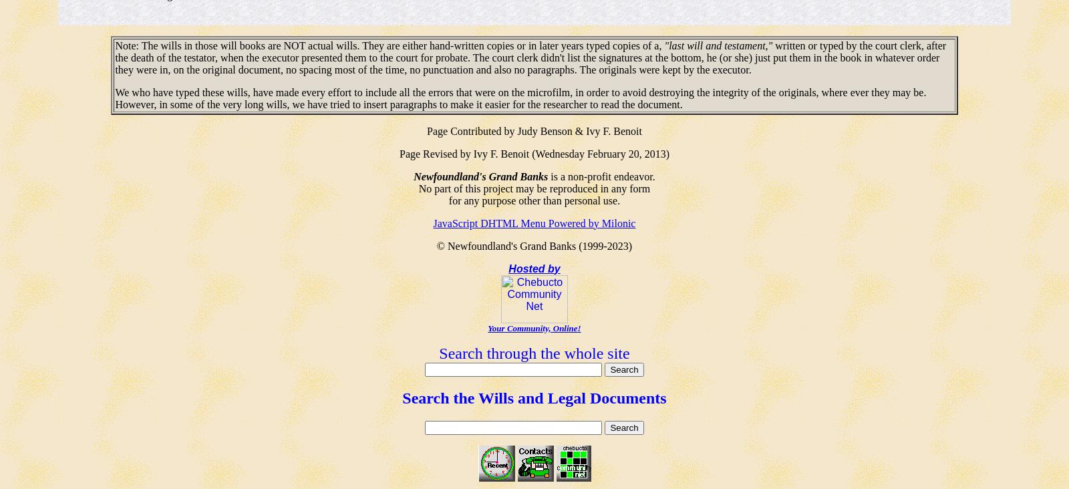  Describe the element at coordinates (534, 130) in the screenshot. I see `'Page Contributed by Judy Benson & Ivy F. Benoit'` at that location.